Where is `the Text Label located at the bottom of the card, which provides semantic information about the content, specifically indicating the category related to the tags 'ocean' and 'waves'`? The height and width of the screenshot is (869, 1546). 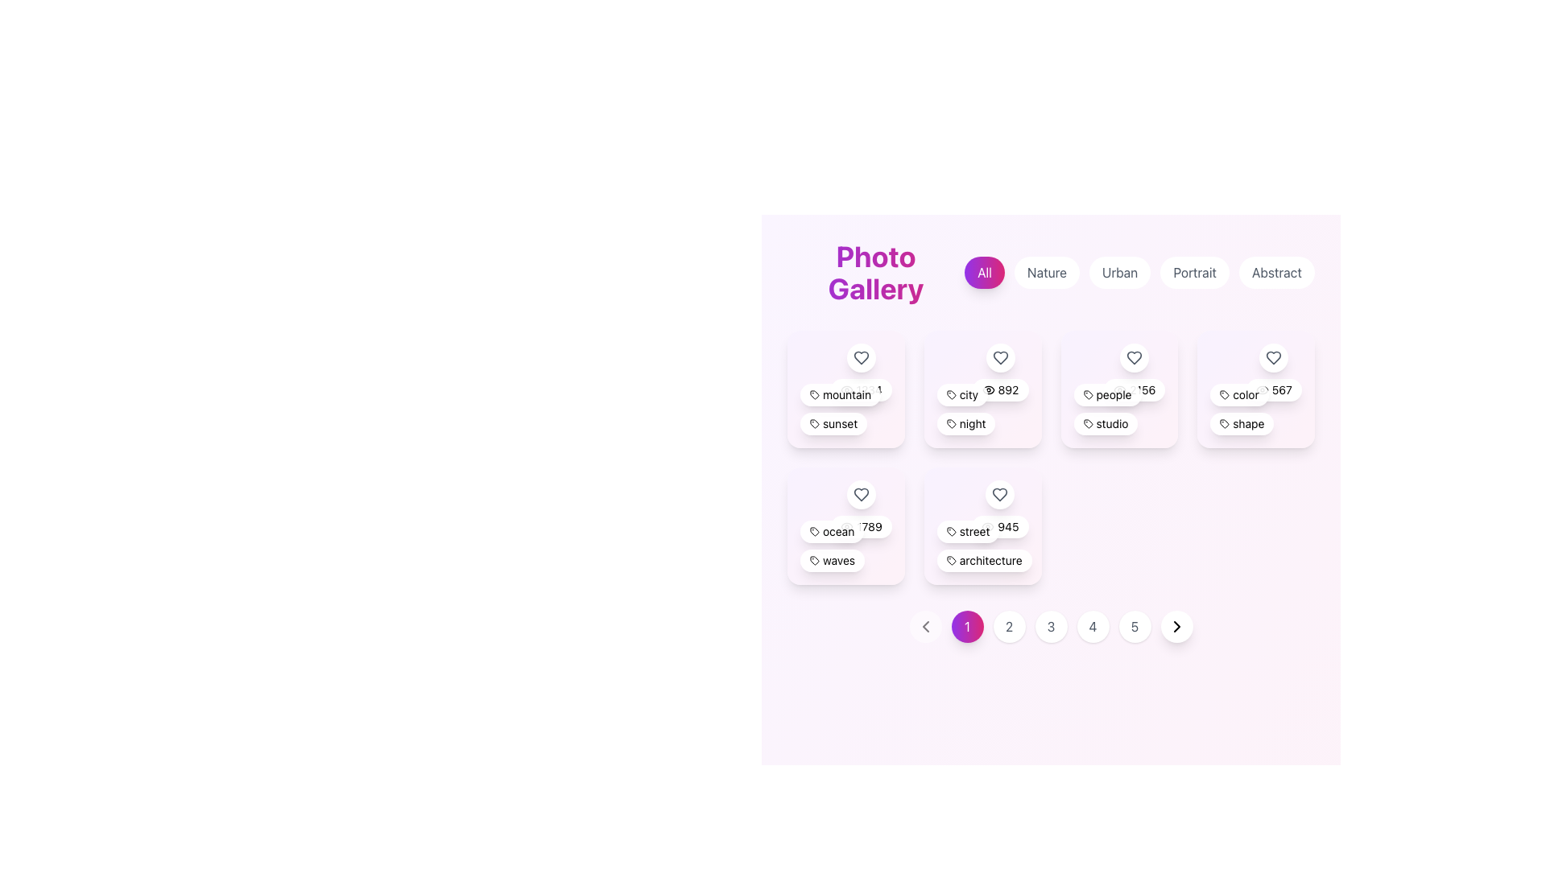 the Text Label located at the bottom of the card, which provides semantic information about the content, specifically indicating the category related to the tags 'ocean' and 'waves' is located at coordinates (845, 545).